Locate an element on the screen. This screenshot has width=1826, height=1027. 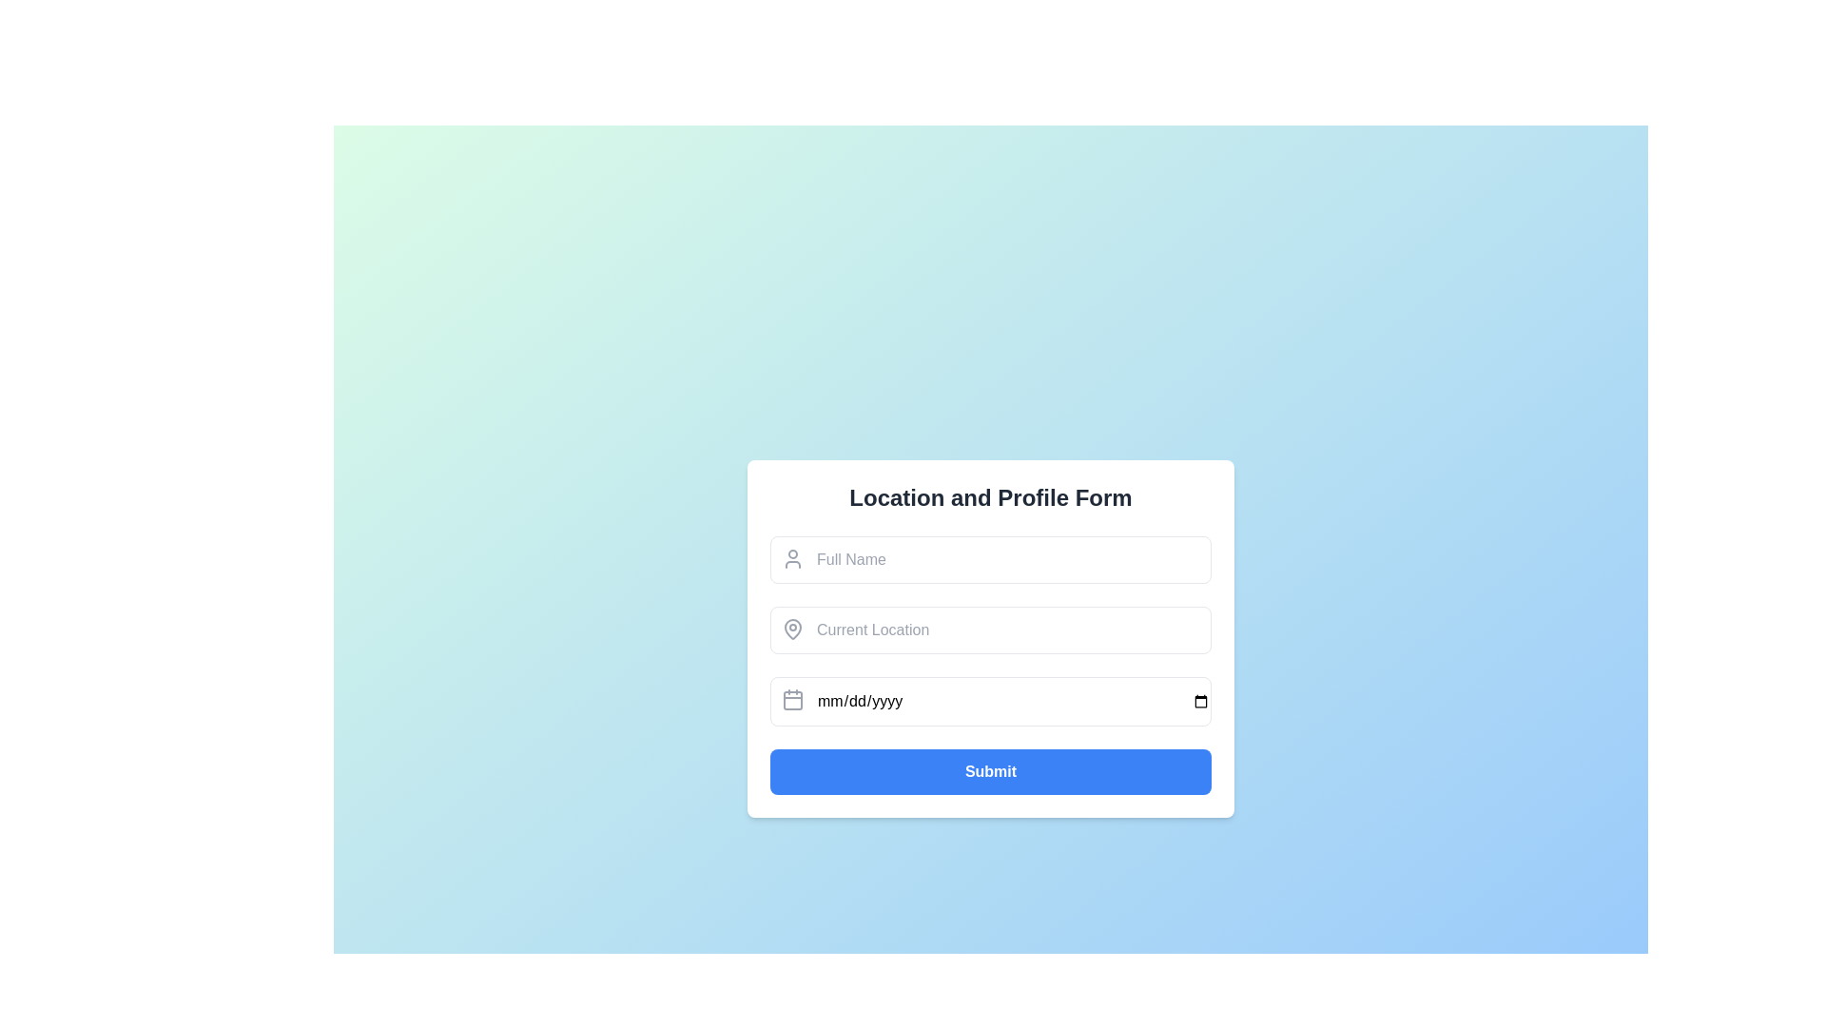
the map pin icon, which is a teardrop-shaped icon with a circular hole, styled in gray, located to the left of the 'Current Location' input field is located at coordinates (793, 628).